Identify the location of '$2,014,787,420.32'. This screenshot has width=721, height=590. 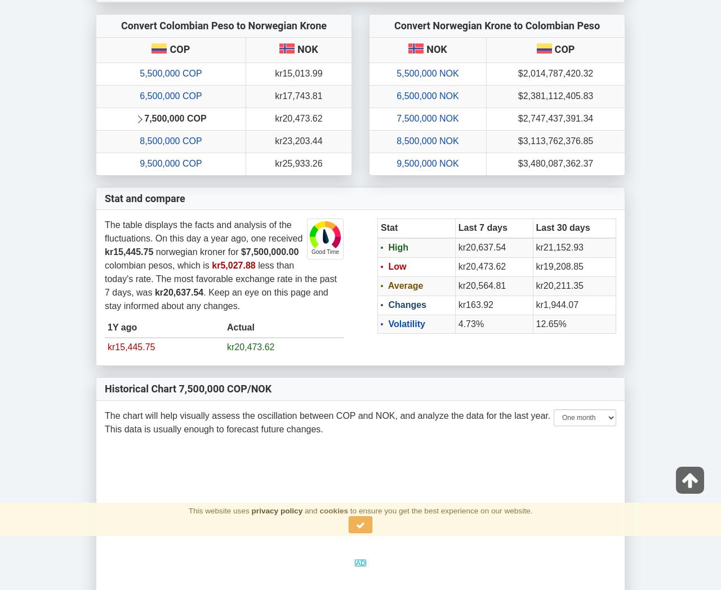
(555, 73).